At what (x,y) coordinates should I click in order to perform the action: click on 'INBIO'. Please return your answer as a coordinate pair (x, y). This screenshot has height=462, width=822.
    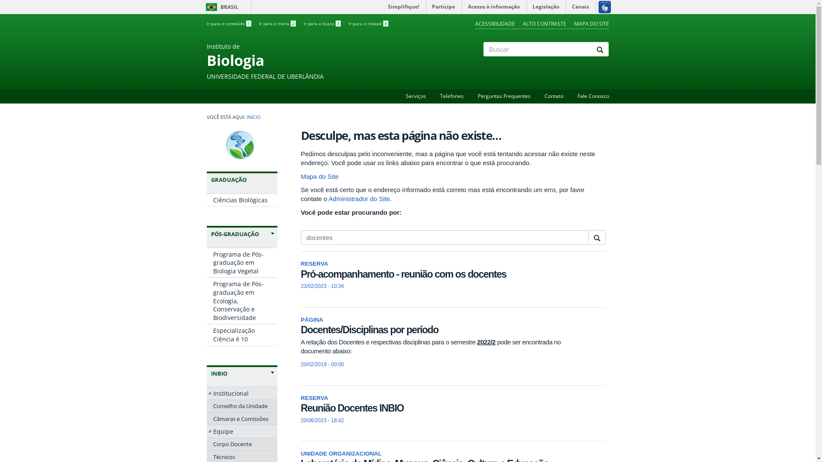
    Looking at the image, I should click on (210, 373).